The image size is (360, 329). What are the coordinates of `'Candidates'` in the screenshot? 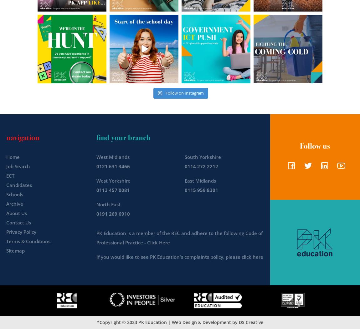 It's located at (18, 184).